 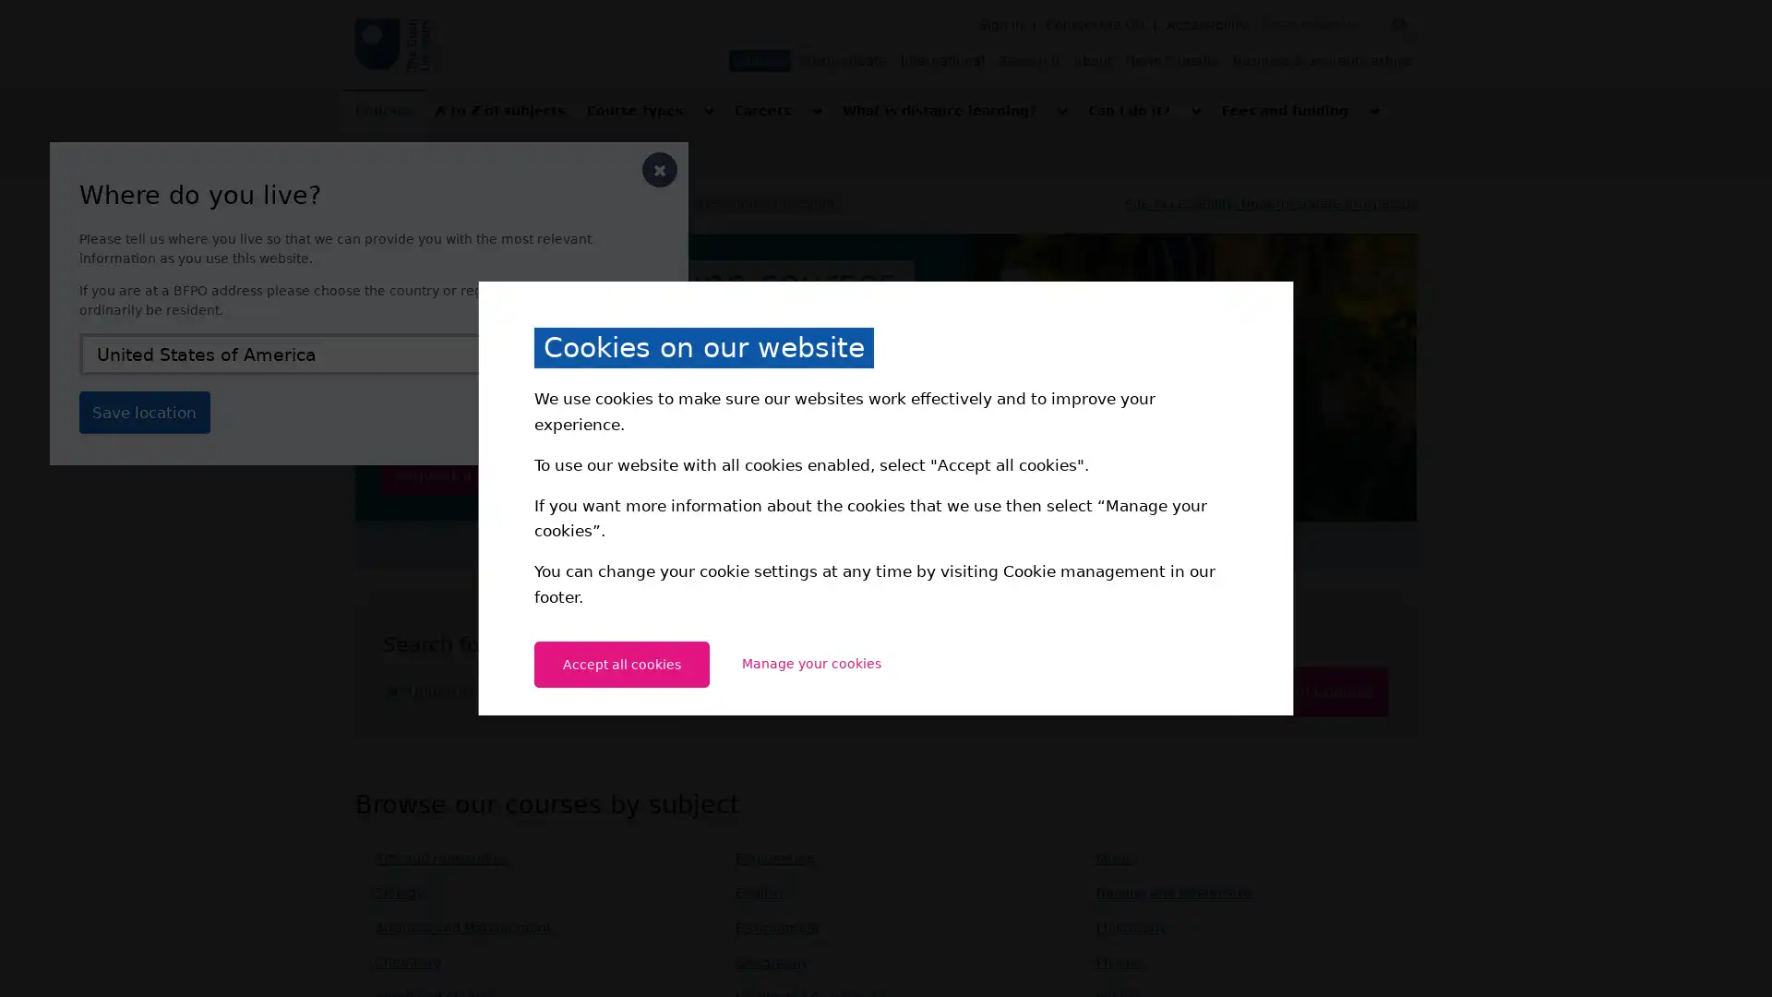 What do you see at coordinates (143, 411) in the screenshot?
I see `Save location` at bounding box center [143, 411].